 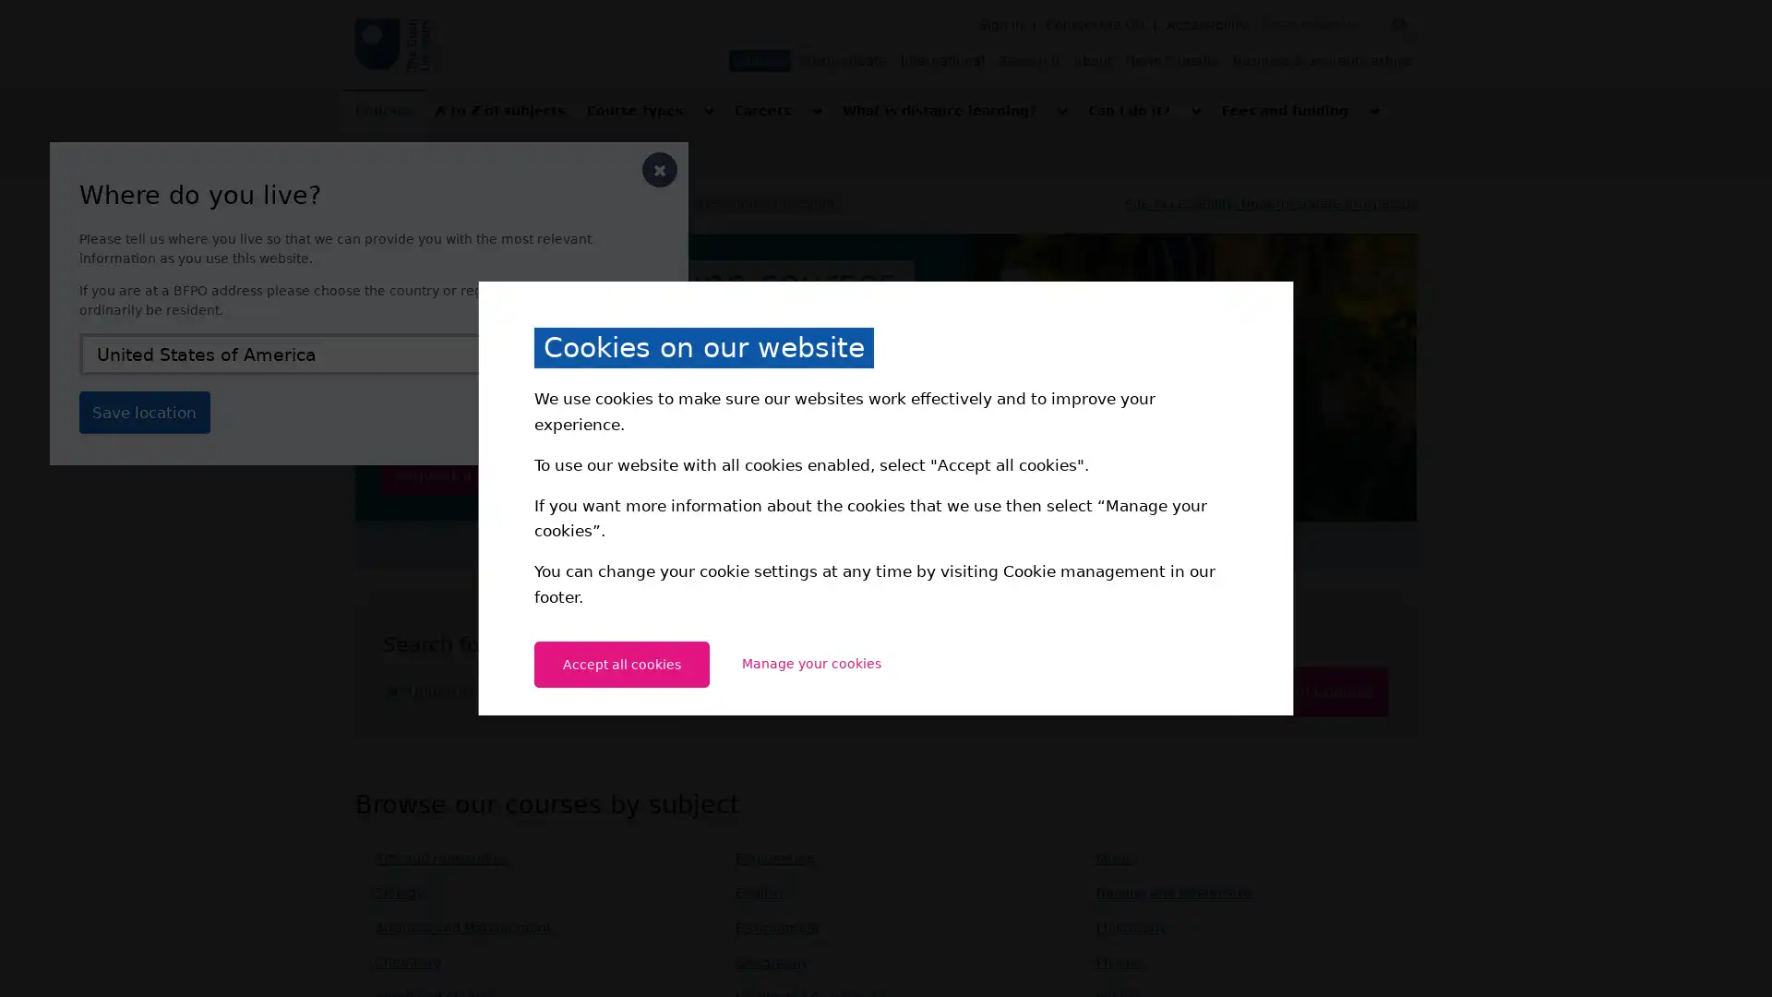 What do you see at coordinates (143, 411) in the screenshot?
I see `Save location` at bounding box center [143, 411].